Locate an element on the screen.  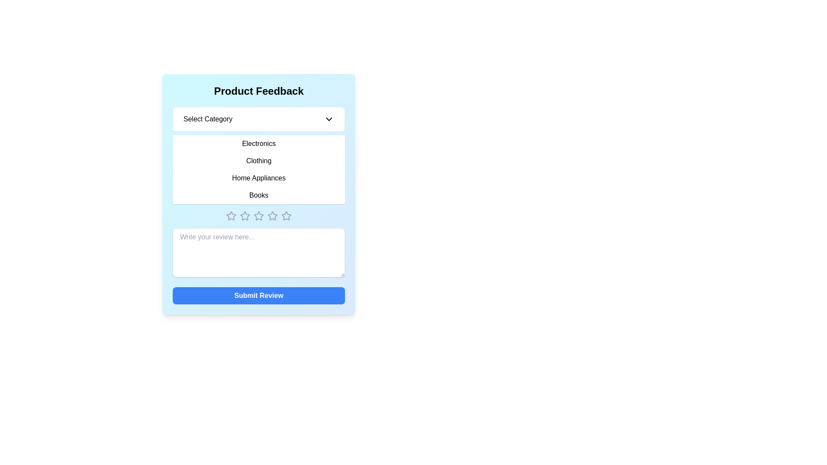
the third star rating icon, which is light gray and hollow is located at coordinates (258, 215).